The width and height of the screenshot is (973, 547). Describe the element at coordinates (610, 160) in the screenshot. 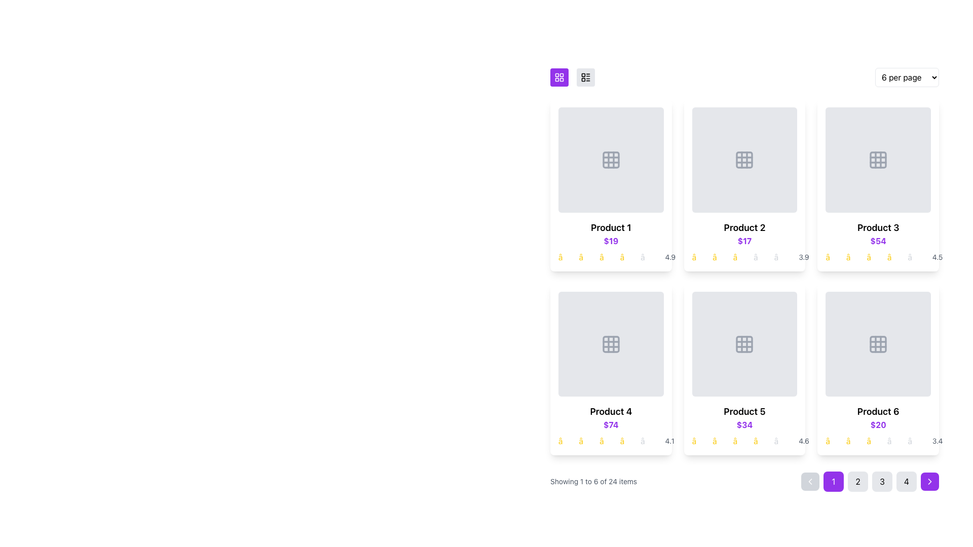

I see `the Placeholder icon located in the top-left corner of the first product card under the view switcher section` at that location.